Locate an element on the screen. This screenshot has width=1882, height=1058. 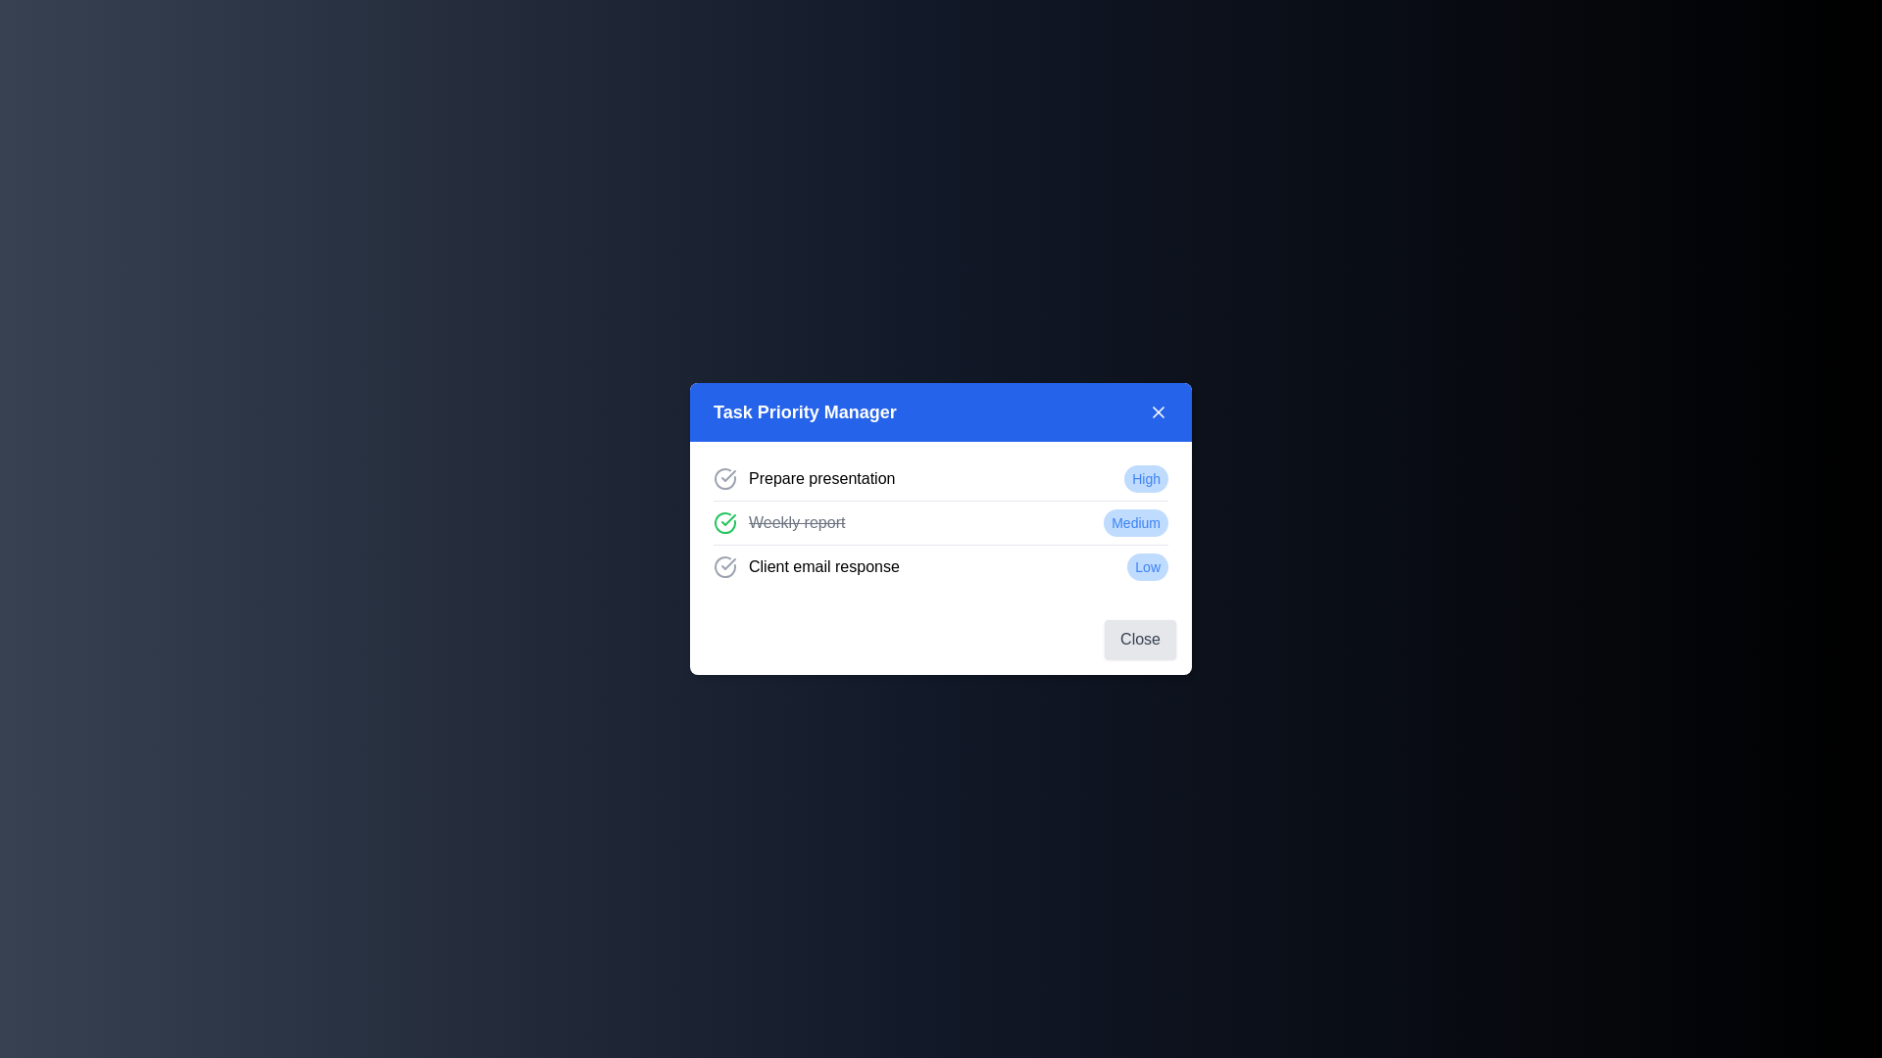
the first list item labeled 'Prepare presentation' with a high priority indicator in the 'Task Priority Manager' modal is located at coordinates (941, 479).